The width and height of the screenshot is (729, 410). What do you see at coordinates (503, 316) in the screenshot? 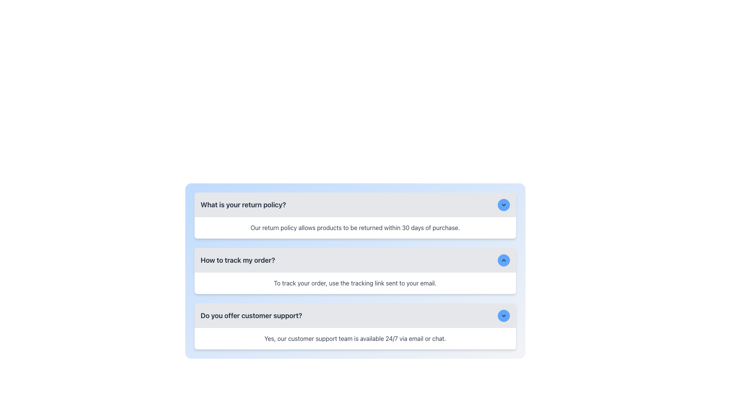
I see `the circular blue button with a downward-pointing chevron icon at its center` at bounding box center [503, 316].